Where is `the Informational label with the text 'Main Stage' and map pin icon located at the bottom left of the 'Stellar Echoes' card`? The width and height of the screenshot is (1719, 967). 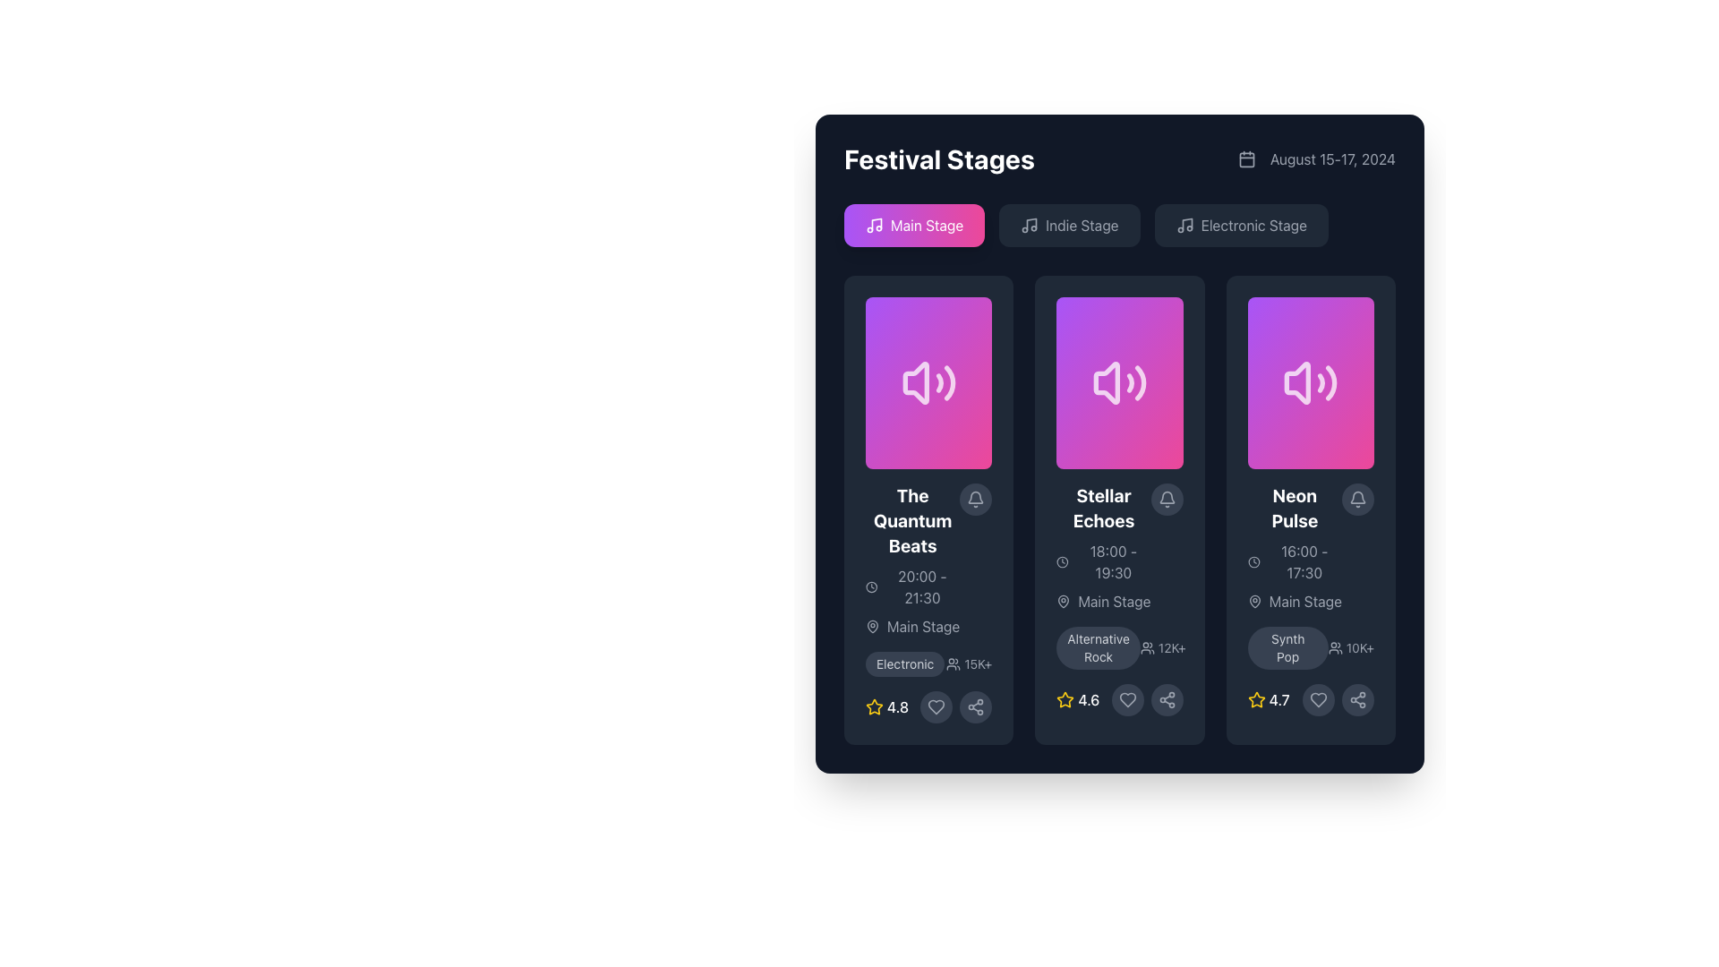
the Informational label with the text 'Main Stage' and map pin icon located at the bottom left of the 'Stellar Echoes' card is located at coordinates (1103, 601).